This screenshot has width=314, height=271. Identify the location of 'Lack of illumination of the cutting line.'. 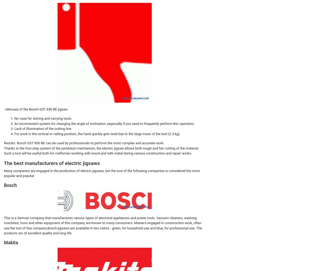
(14, 129).